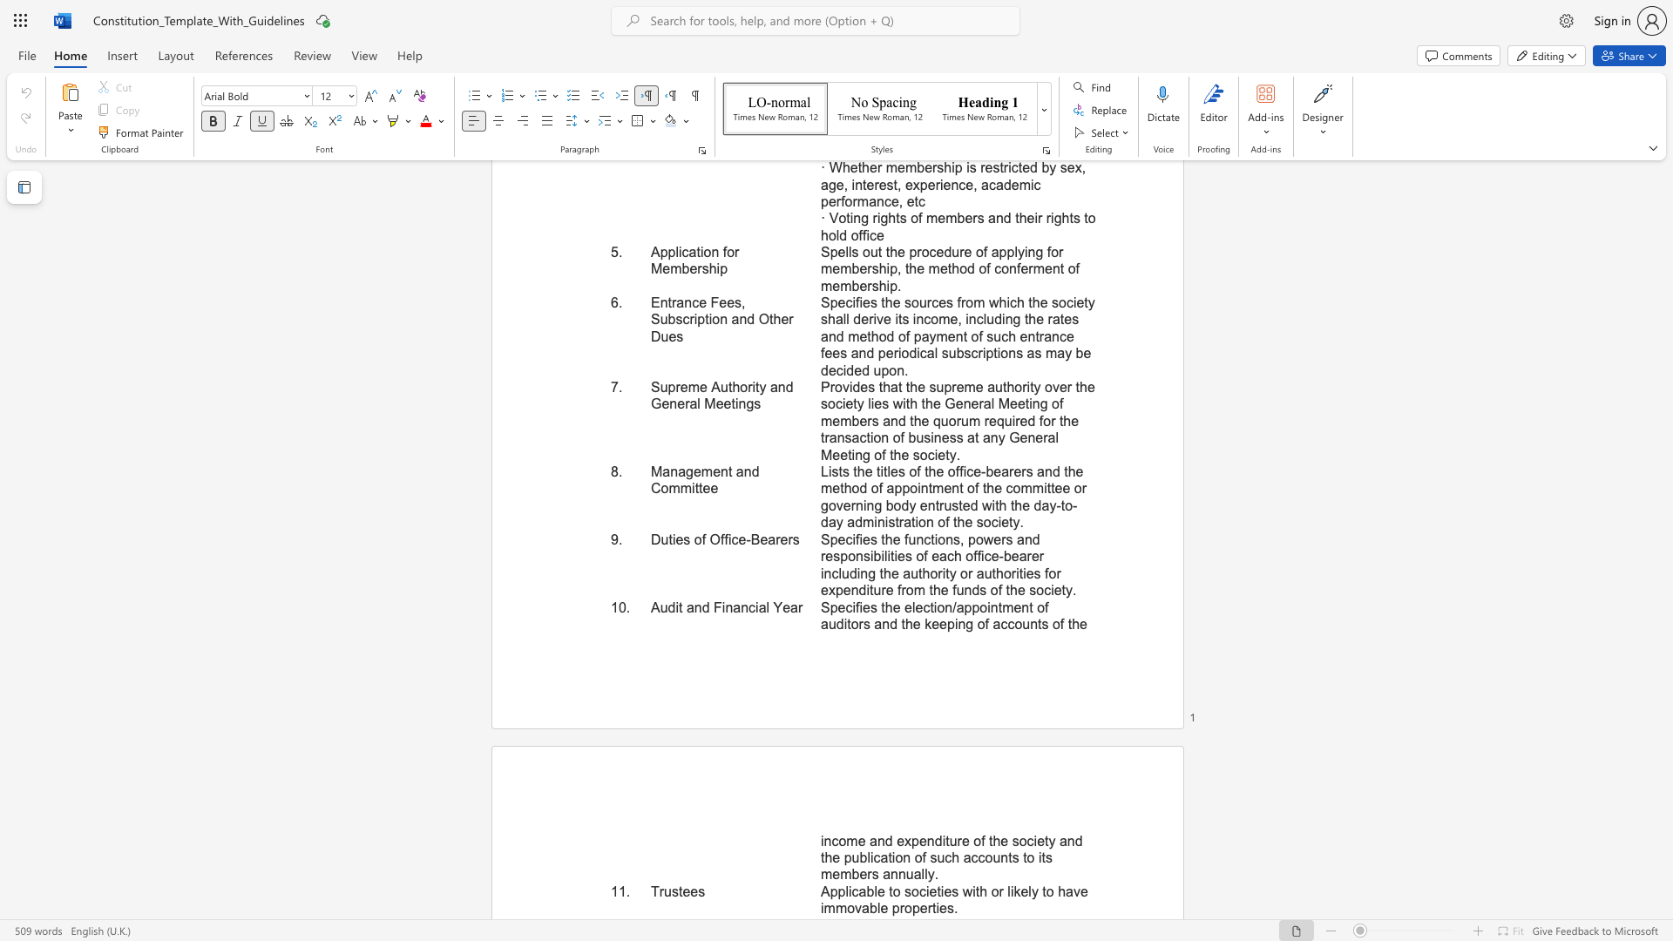 The width and height of the screenshot is (1673, 941). Describe the element at coordinates (843, 623) in the screenshot. I see `the subset text "itors and the keeping o" within the text "Specifies the election/appointment of auditors and the keeping of accounts of the"` at that location.